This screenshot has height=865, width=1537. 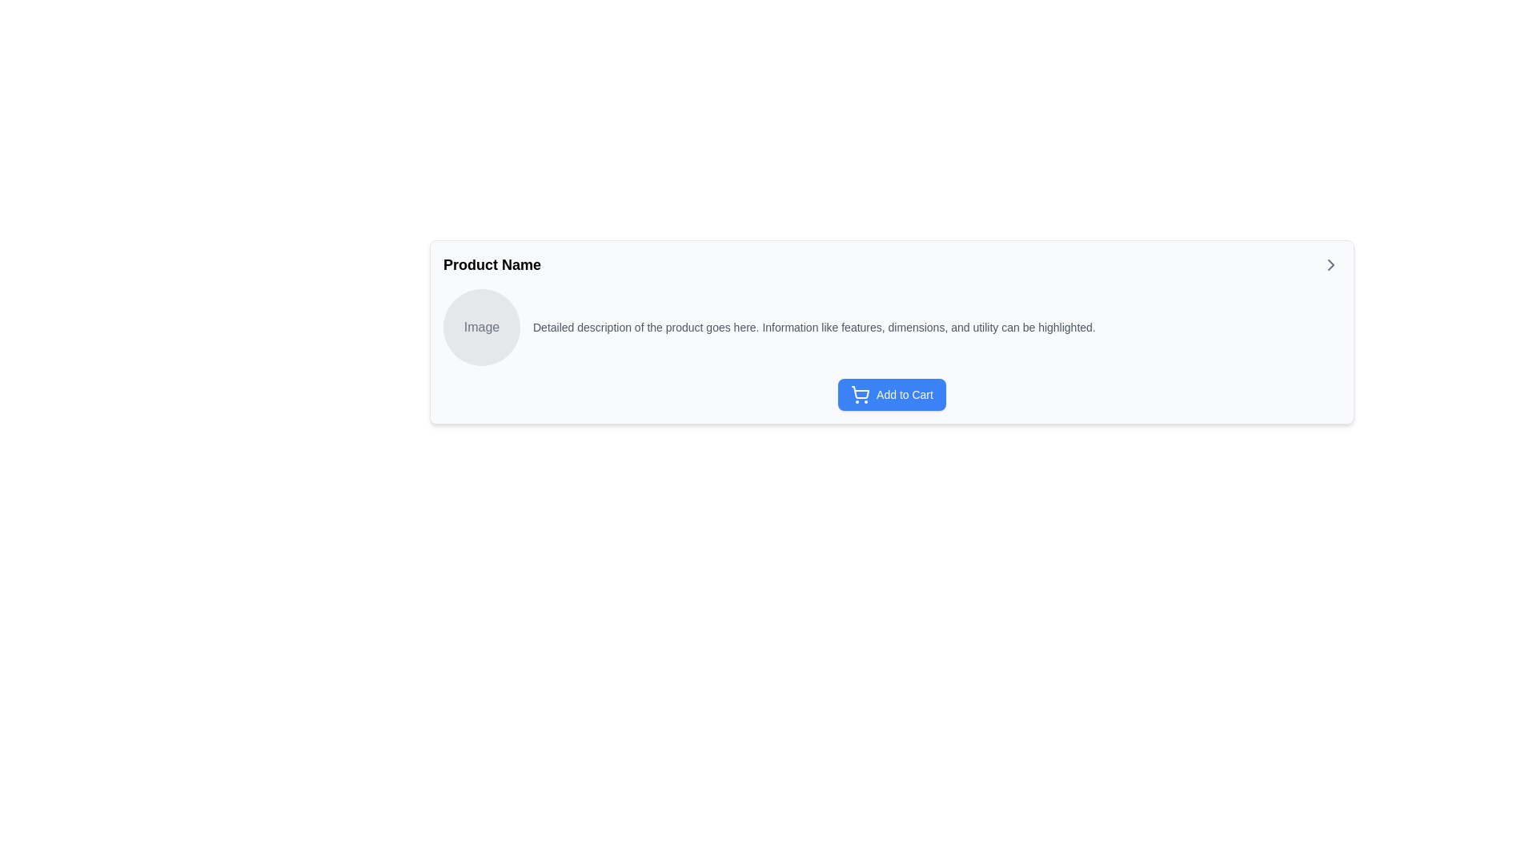 What do you see at coordinates (891, 395) in the screenshot?
I see `the button located at the bottom-right corner of the product details card` at bounding box center [891, 395].